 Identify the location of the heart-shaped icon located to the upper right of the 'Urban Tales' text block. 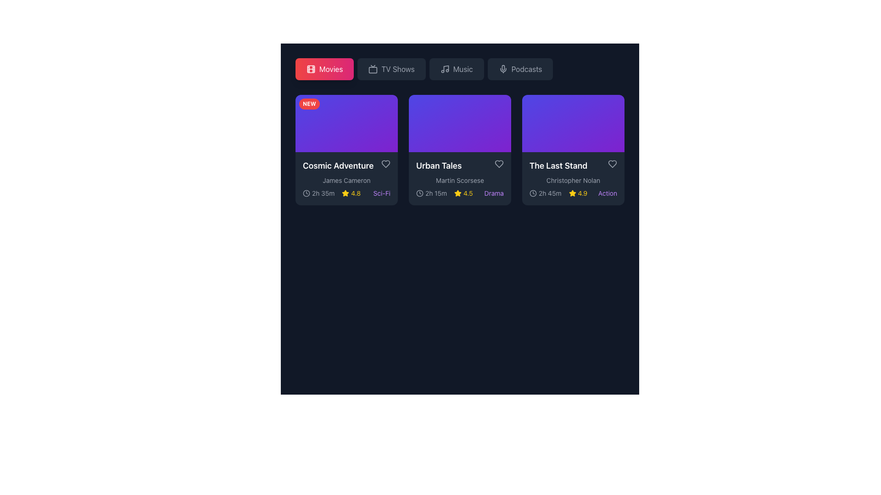
(499, 164).